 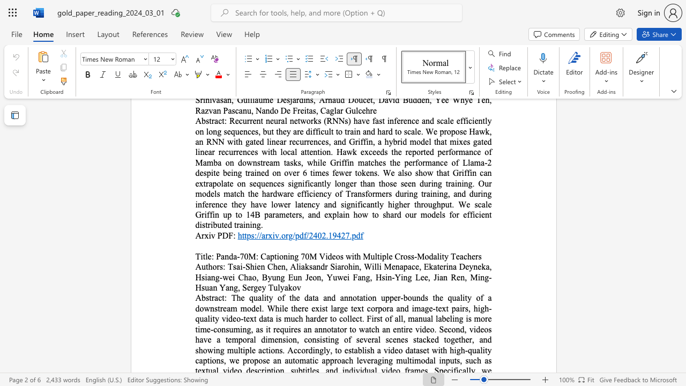 What do you see at coordinates (416, 256) in the screenshot?
I see `the subset text "Mo" within the text "Panda-70M: Captioning 70M Videos with Multiple Cross-Modality Teachers"` at bounding box center [416, 256].